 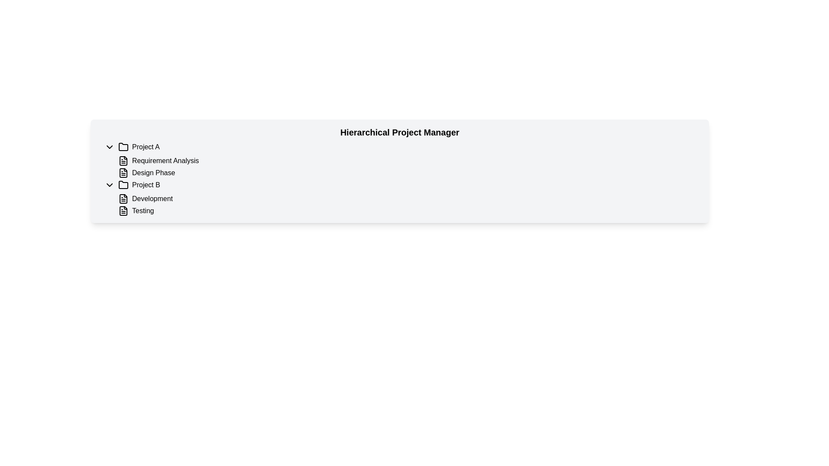 What do you see at coordinates (123, 173) in the screenshot?
I see `the document icon with a minimalist black outline located to the left of the text 'Design Phase'` at bounding box center [123, 173].